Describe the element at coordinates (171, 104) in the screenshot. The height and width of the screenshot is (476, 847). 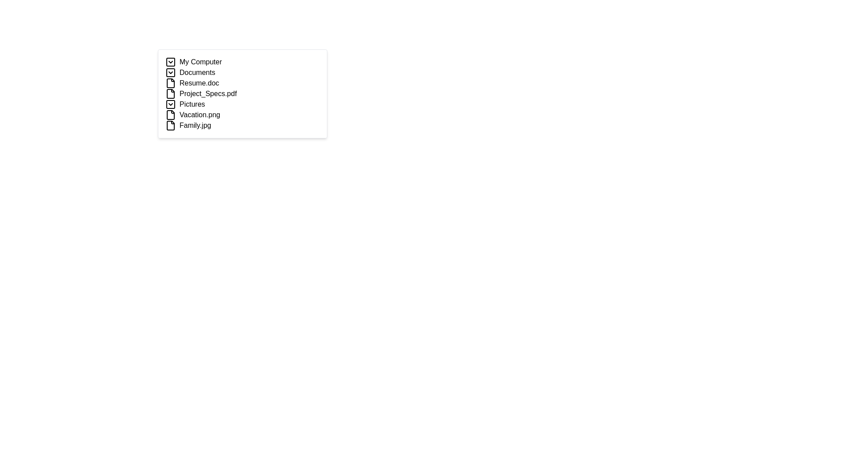
I see `the checkbox indicator for the 'Pictures' item` at that location.